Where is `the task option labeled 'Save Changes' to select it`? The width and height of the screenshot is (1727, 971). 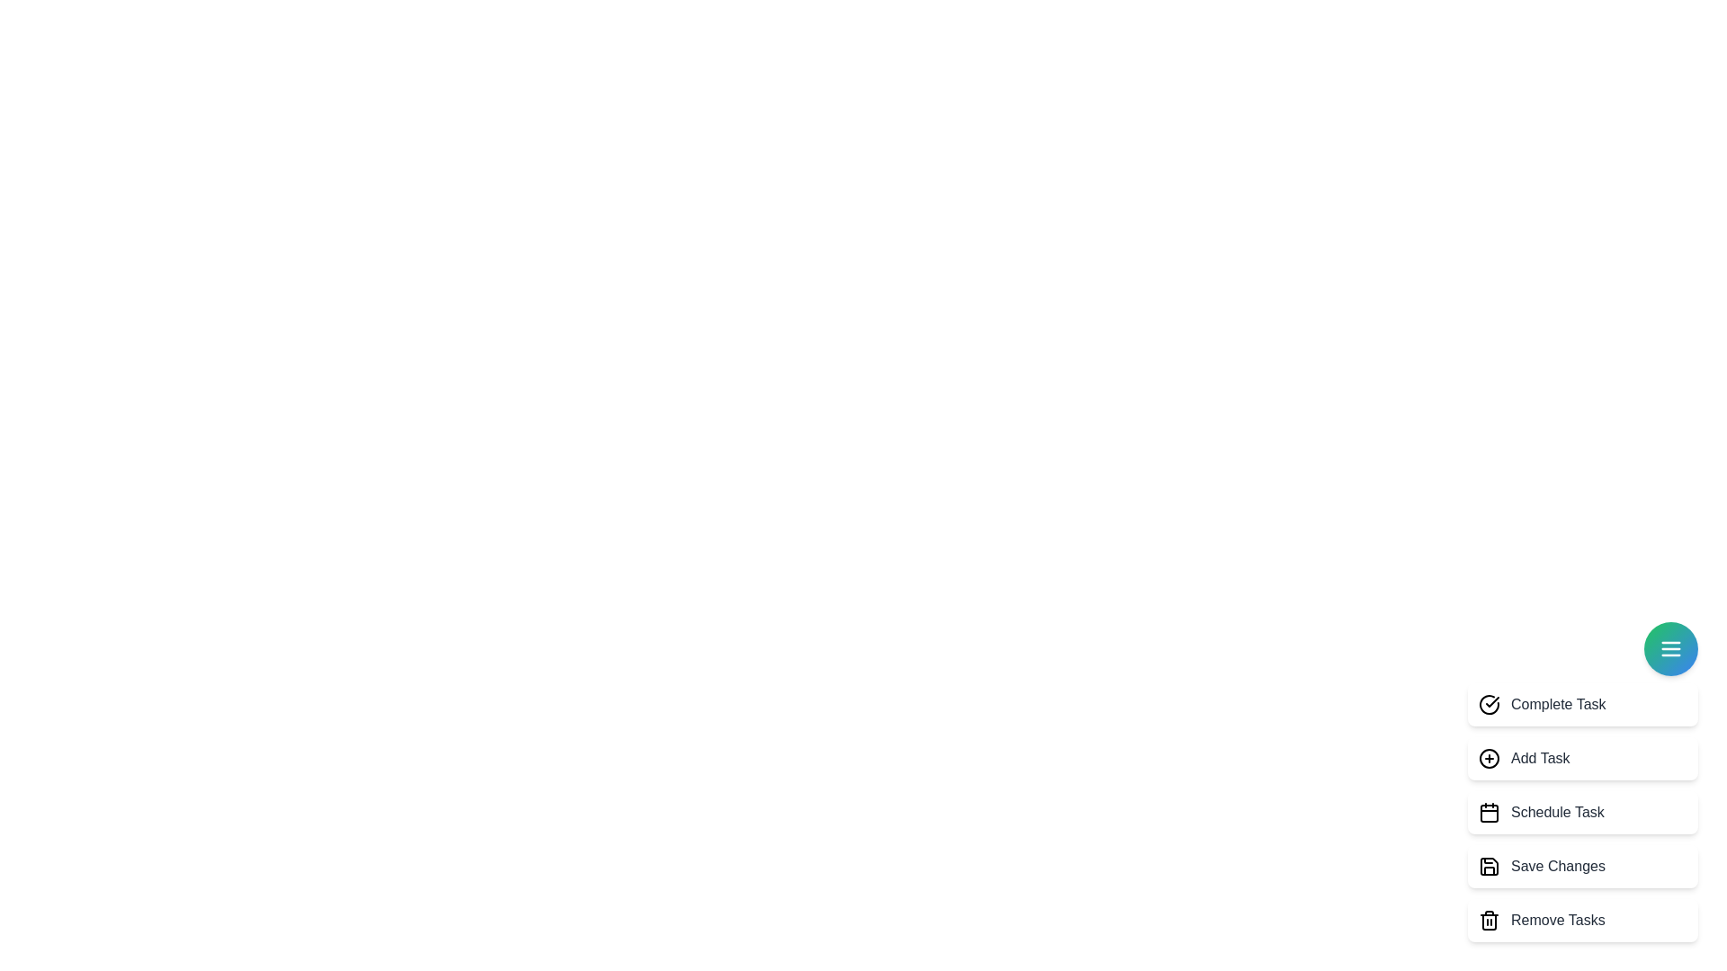 the task option labeled 'Save Changes' to select it is located at coordinates (1583, 866).